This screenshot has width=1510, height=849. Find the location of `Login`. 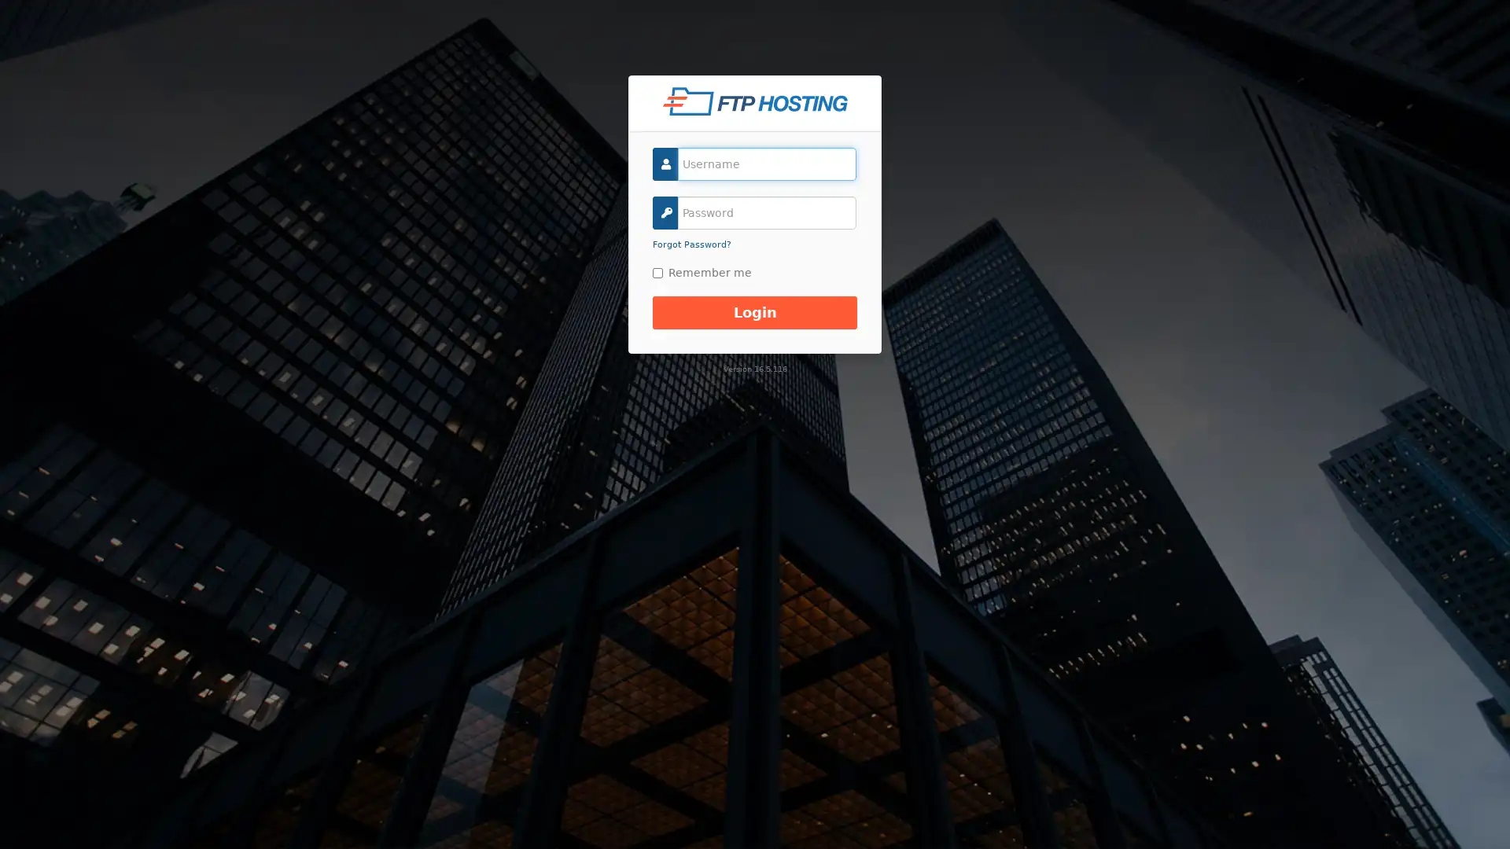

Login is located at coordinates (755, 312).